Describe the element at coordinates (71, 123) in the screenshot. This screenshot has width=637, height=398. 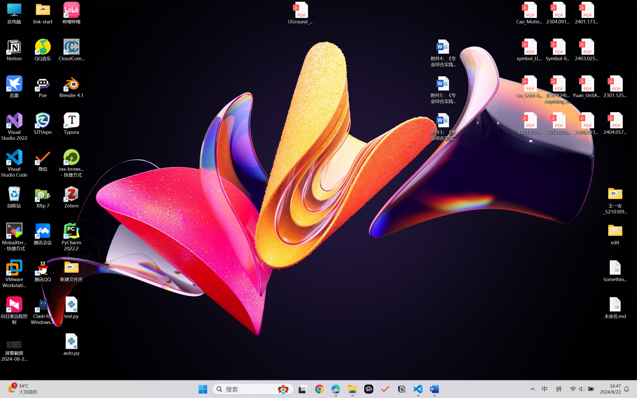
I see `'Typora'` at that location.